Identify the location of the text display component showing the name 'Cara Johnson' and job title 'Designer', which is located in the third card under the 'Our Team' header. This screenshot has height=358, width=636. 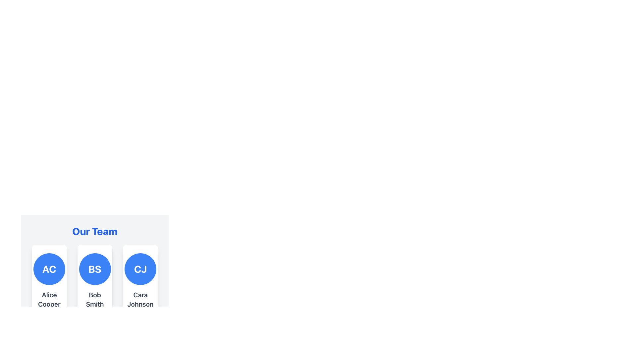
(140, 303).